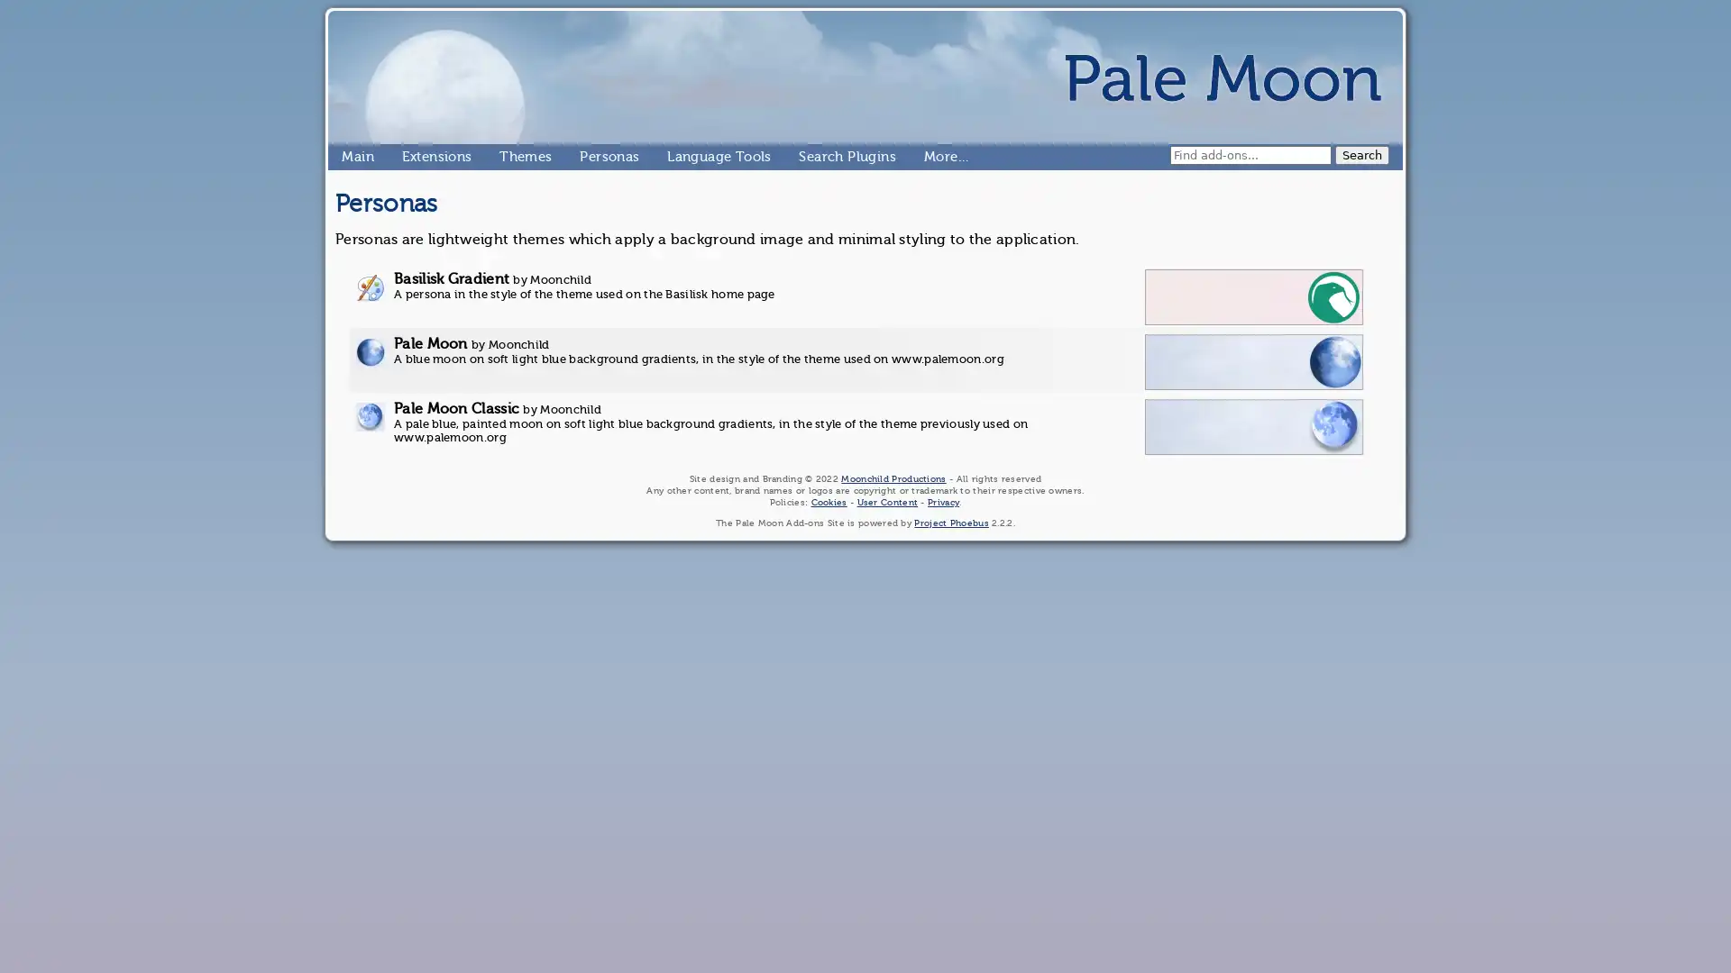  What do you see at coordinates (1362, 154) in the screenshot?
I see `Search` at bounding box center [1362, 154].